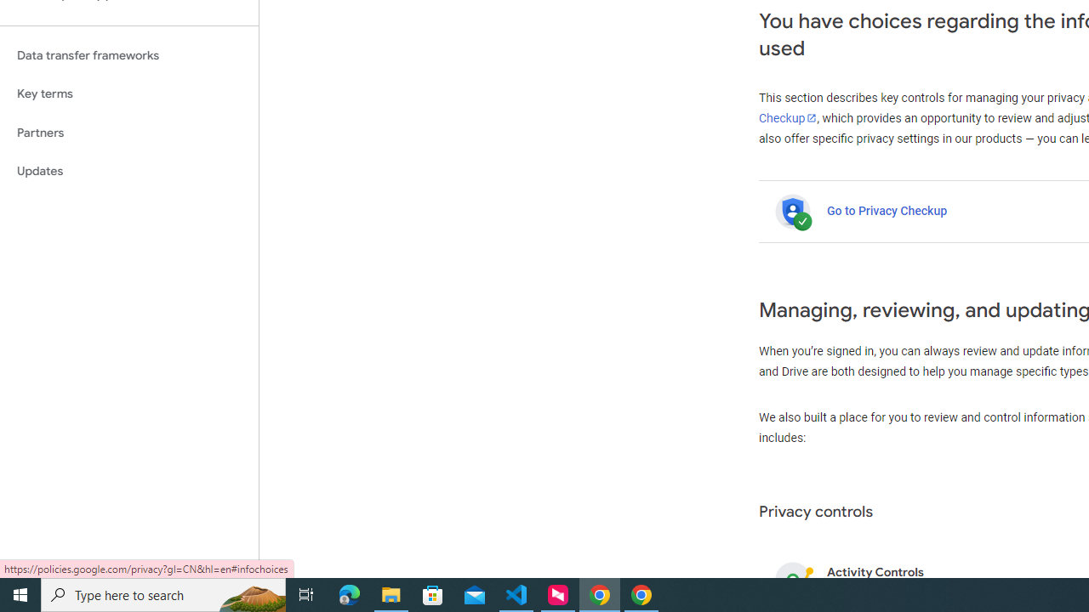 Image resolution: width=1089 pixels, height=612 pixels. I want to click on 'Data transfer frameworks', so click(128, 54).